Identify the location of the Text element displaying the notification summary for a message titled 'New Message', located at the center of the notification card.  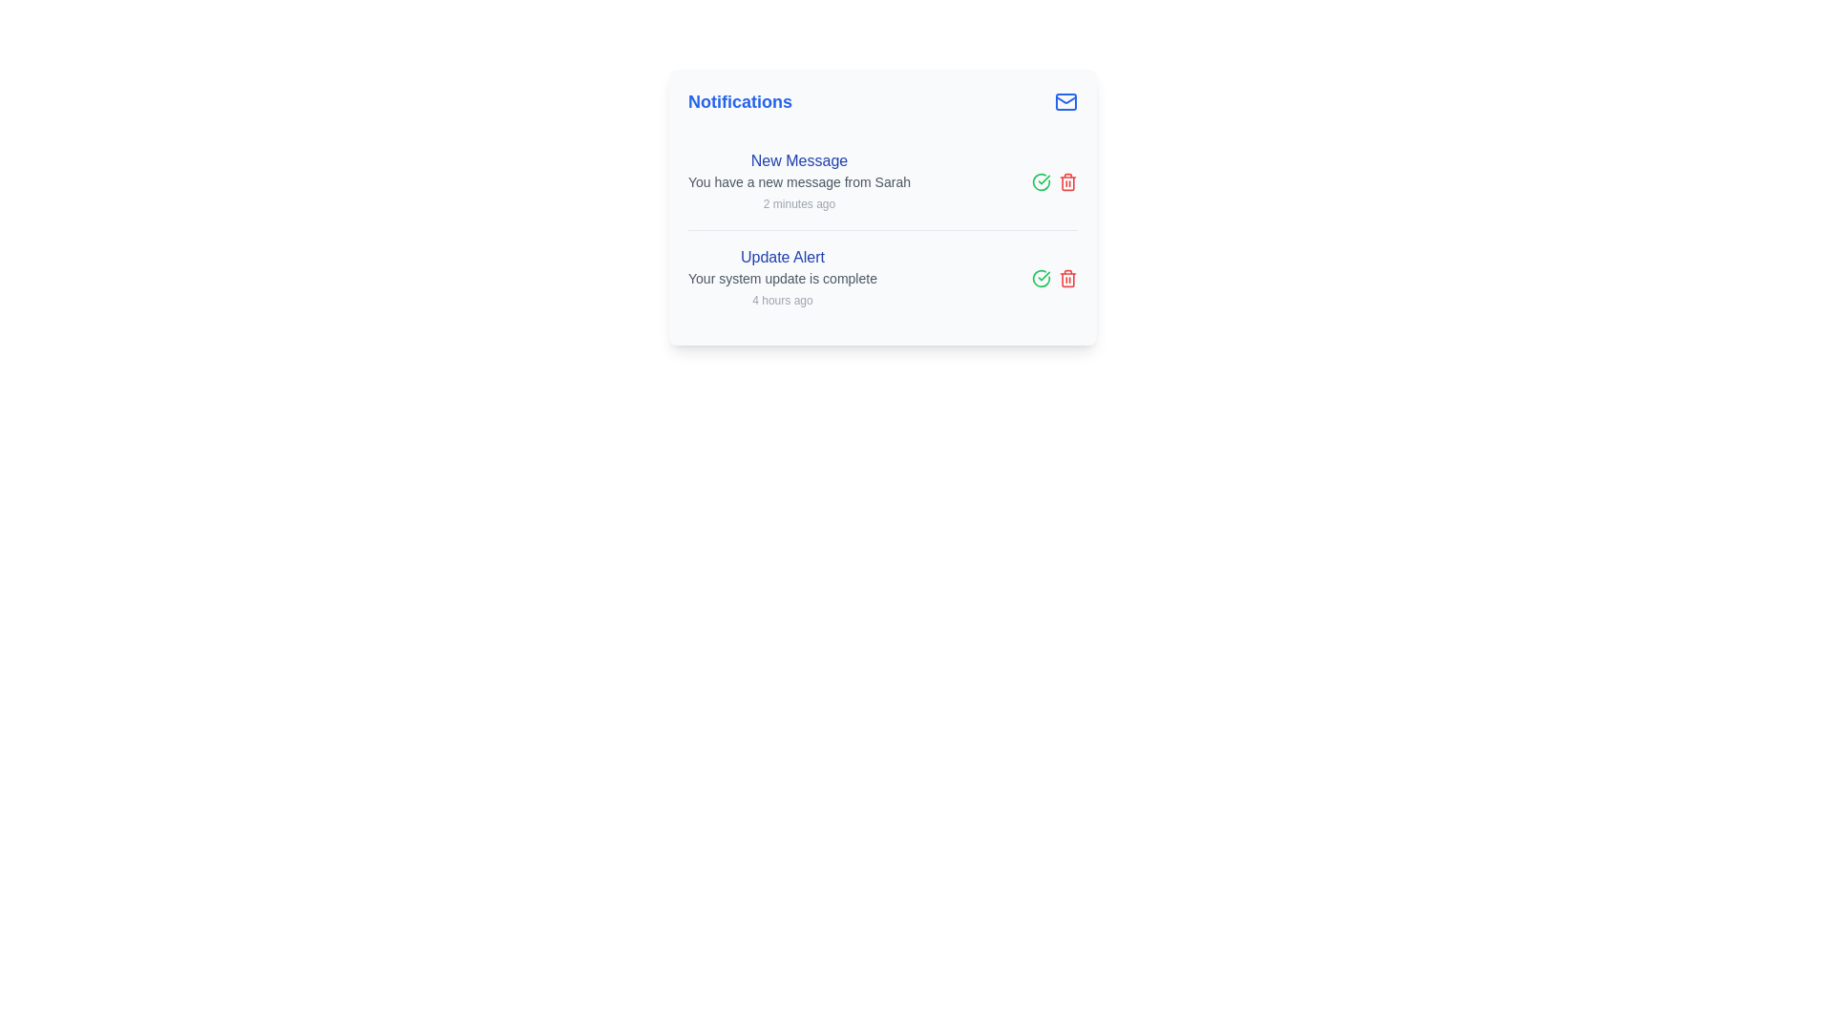
(799, 182).